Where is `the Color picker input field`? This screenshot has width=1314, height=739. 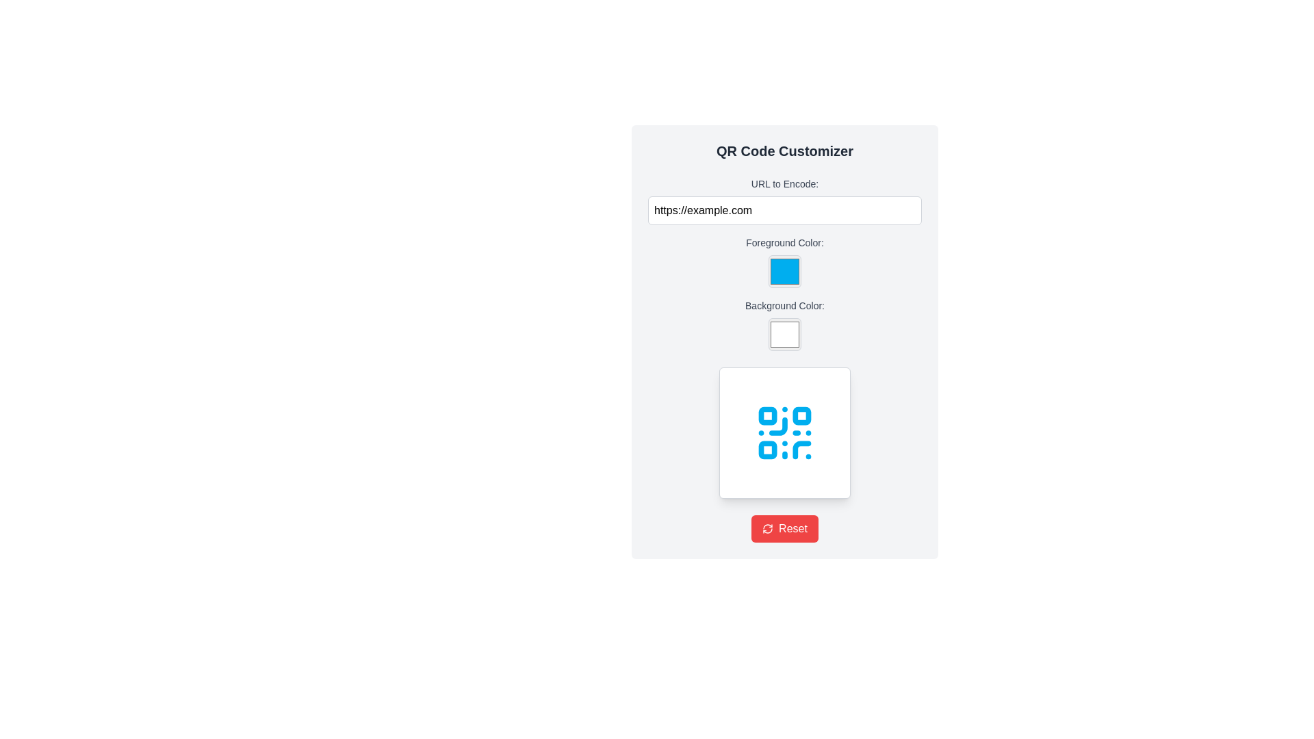 the Color picker input field is located at coordinates (785, 261).